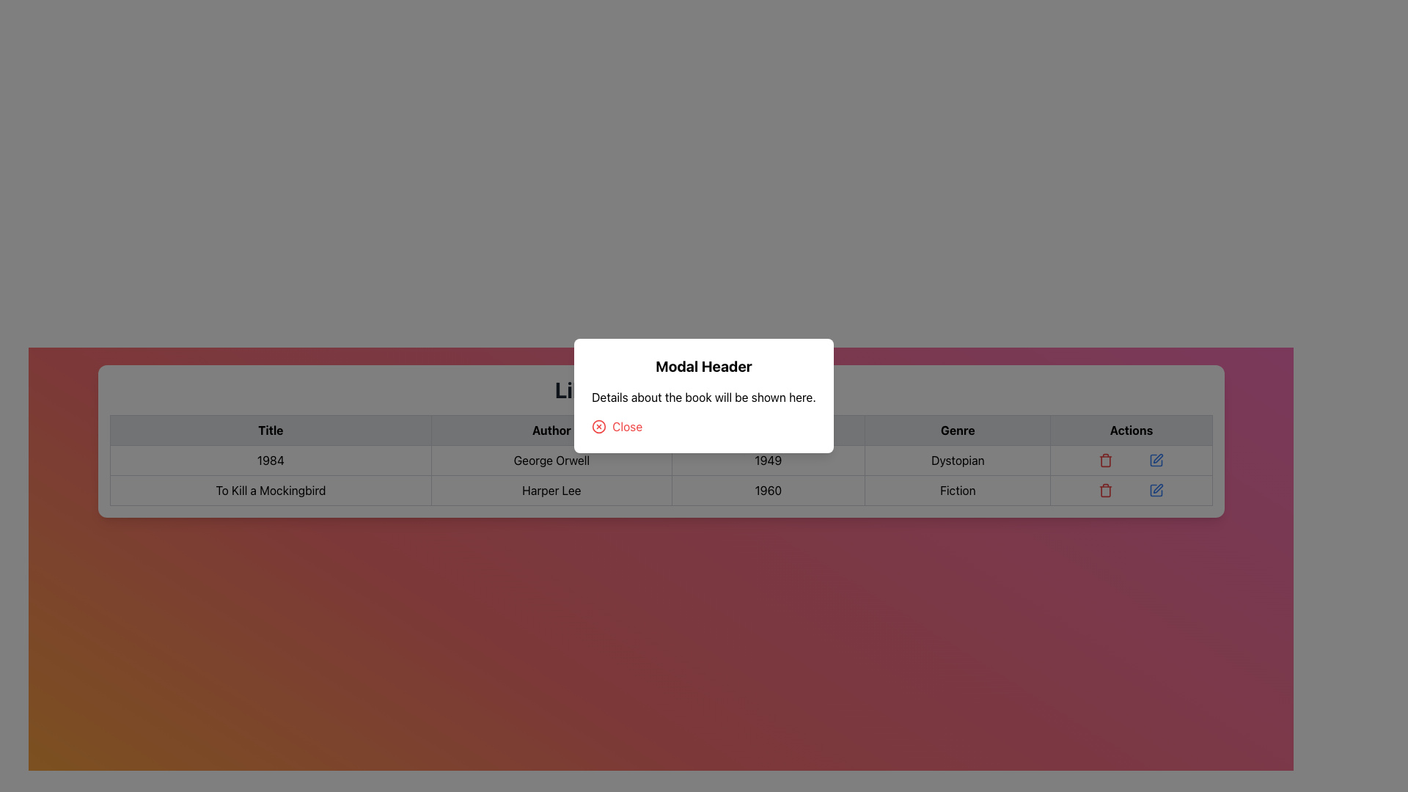  Describe the element at coordinates (1130, 490) in the screenshot. I see `the horizontal separator element in the 'Actions' column of the 'Fiction' row, which serves as a visual marker to distinguish neighboring action buttons` at that location.